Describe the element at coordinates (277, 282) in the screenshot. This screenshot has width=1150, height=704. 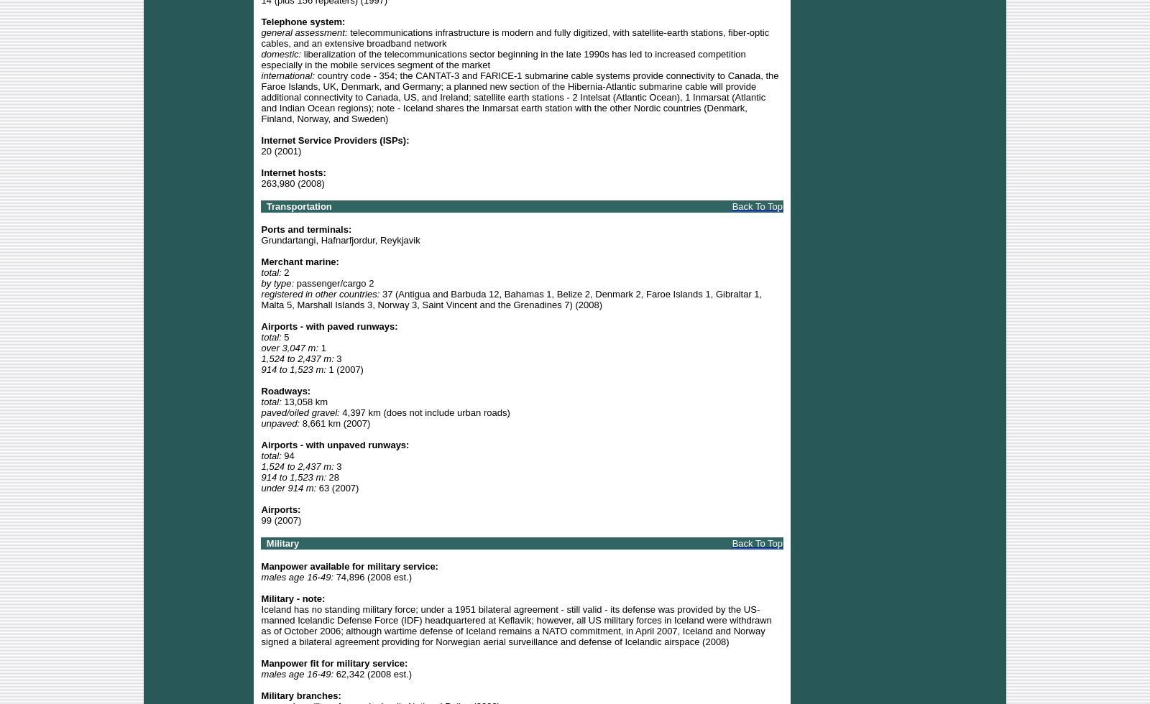
I see `'by type:'` at that location.